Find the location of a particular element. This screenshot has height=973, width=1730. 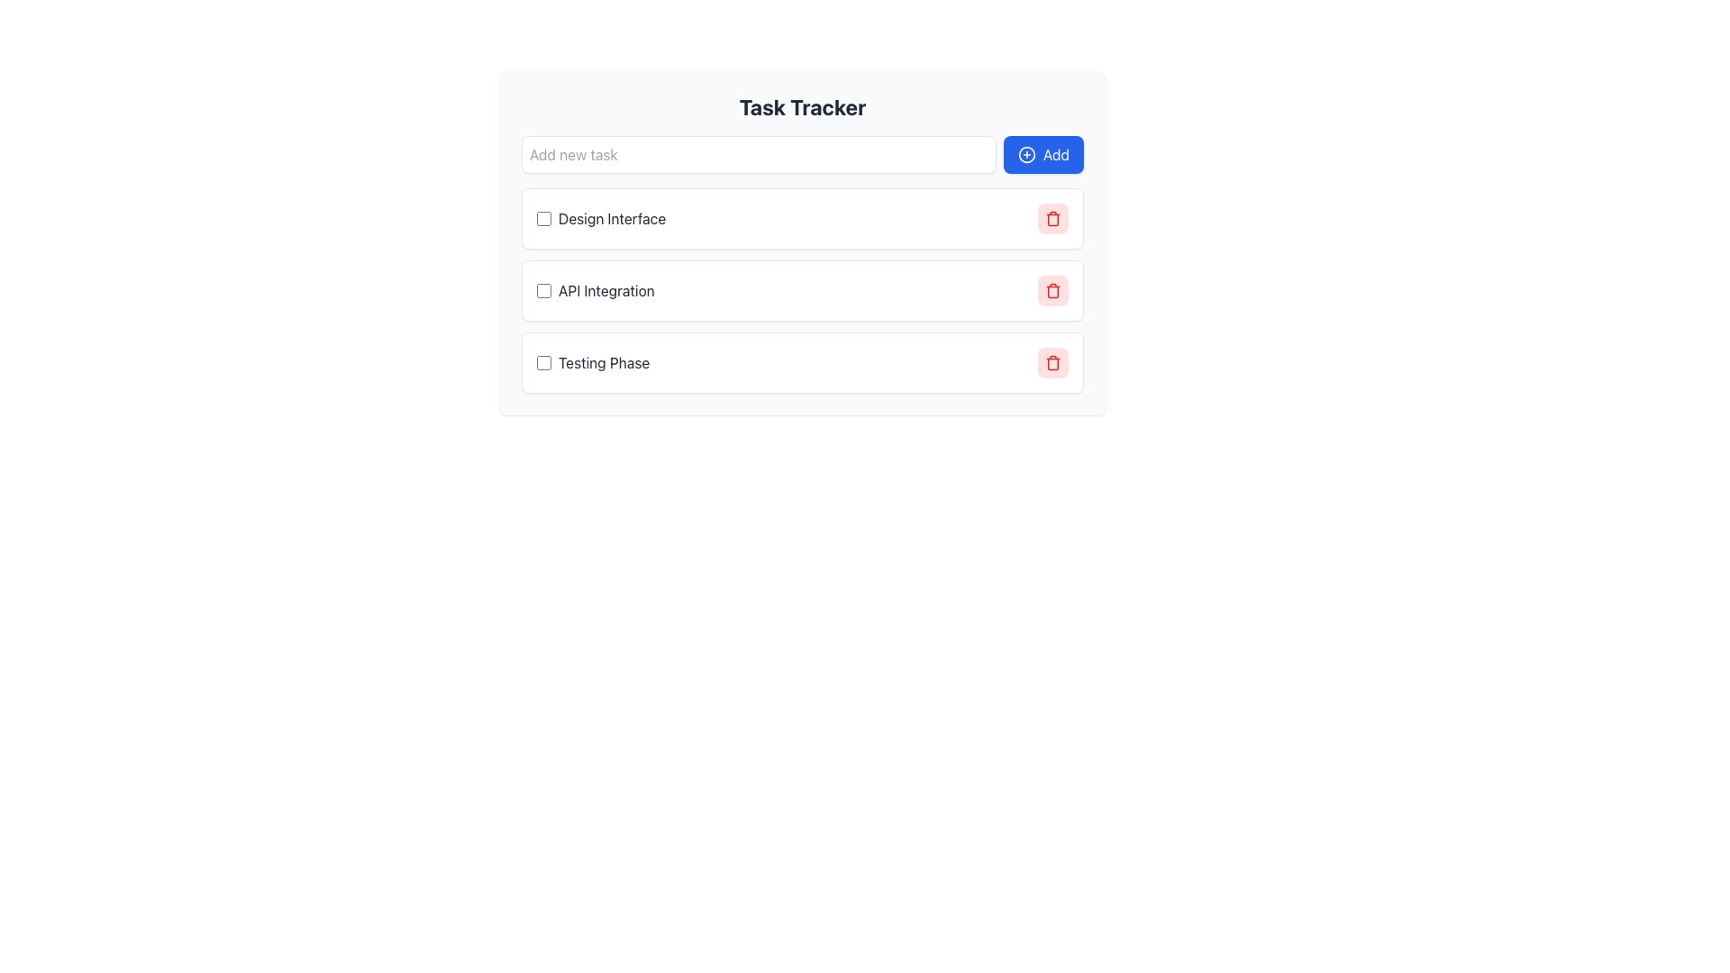

the checkbox labeled 'Testing Phase' is located at coordinates (593, 362).